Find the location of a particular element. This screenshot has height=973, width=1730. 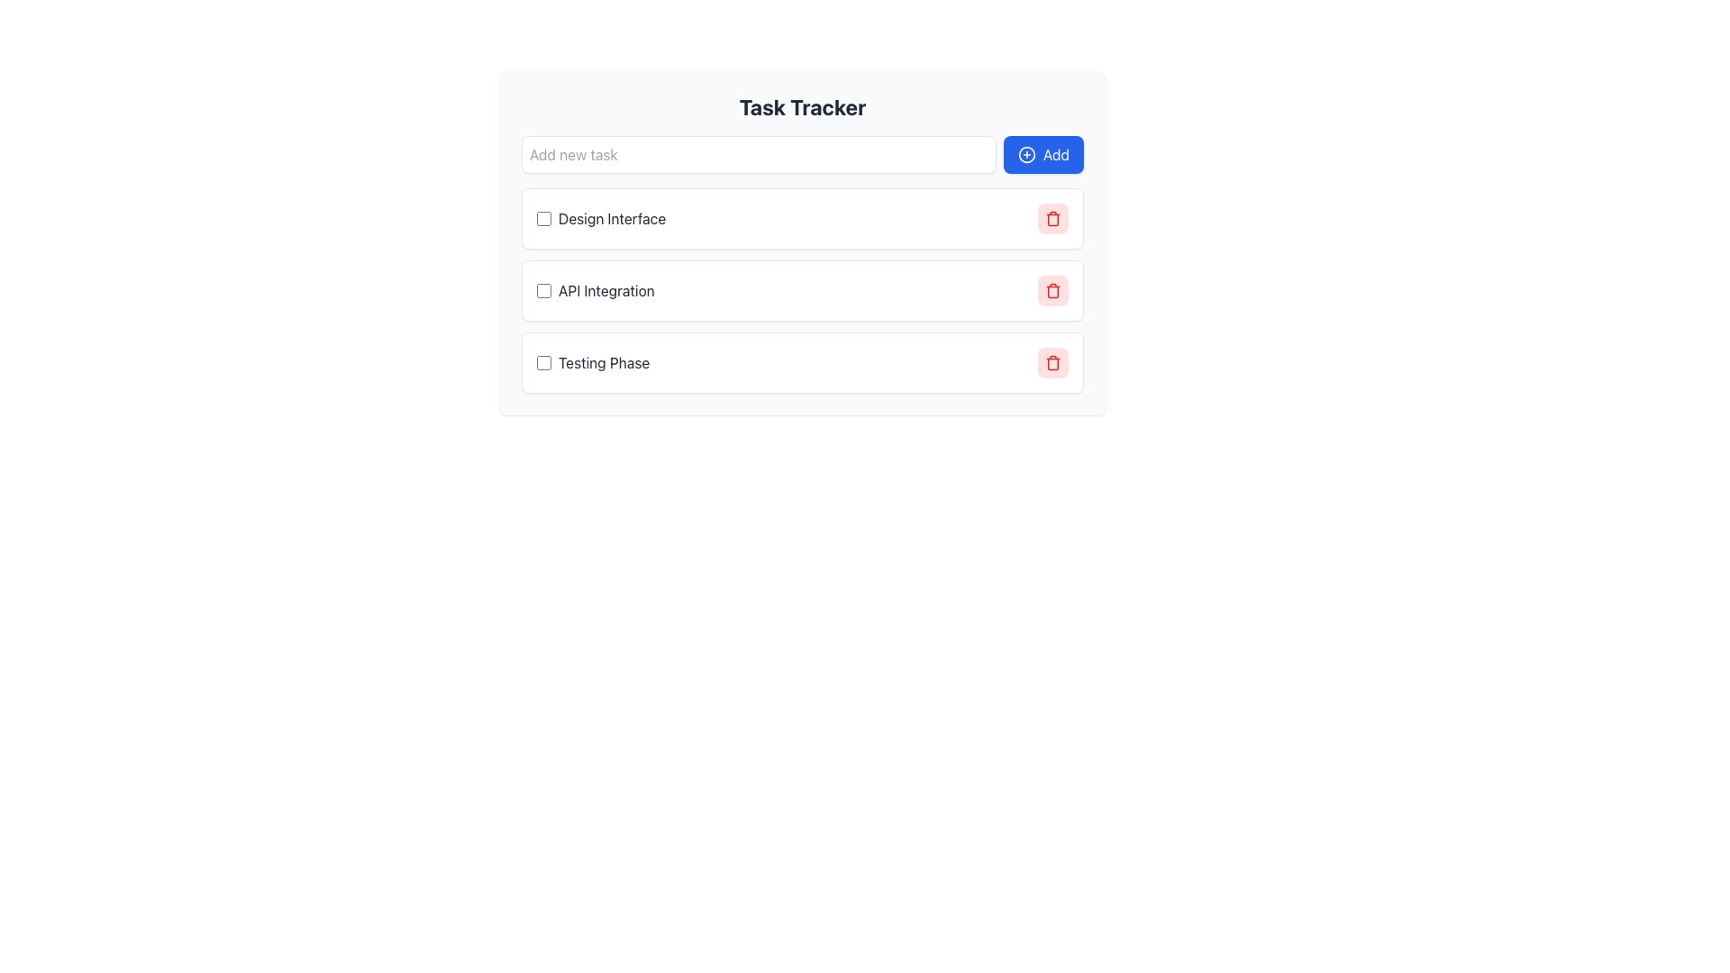

the checkbox labeled 'Testing Phase' is located at coordinates (593, 362).